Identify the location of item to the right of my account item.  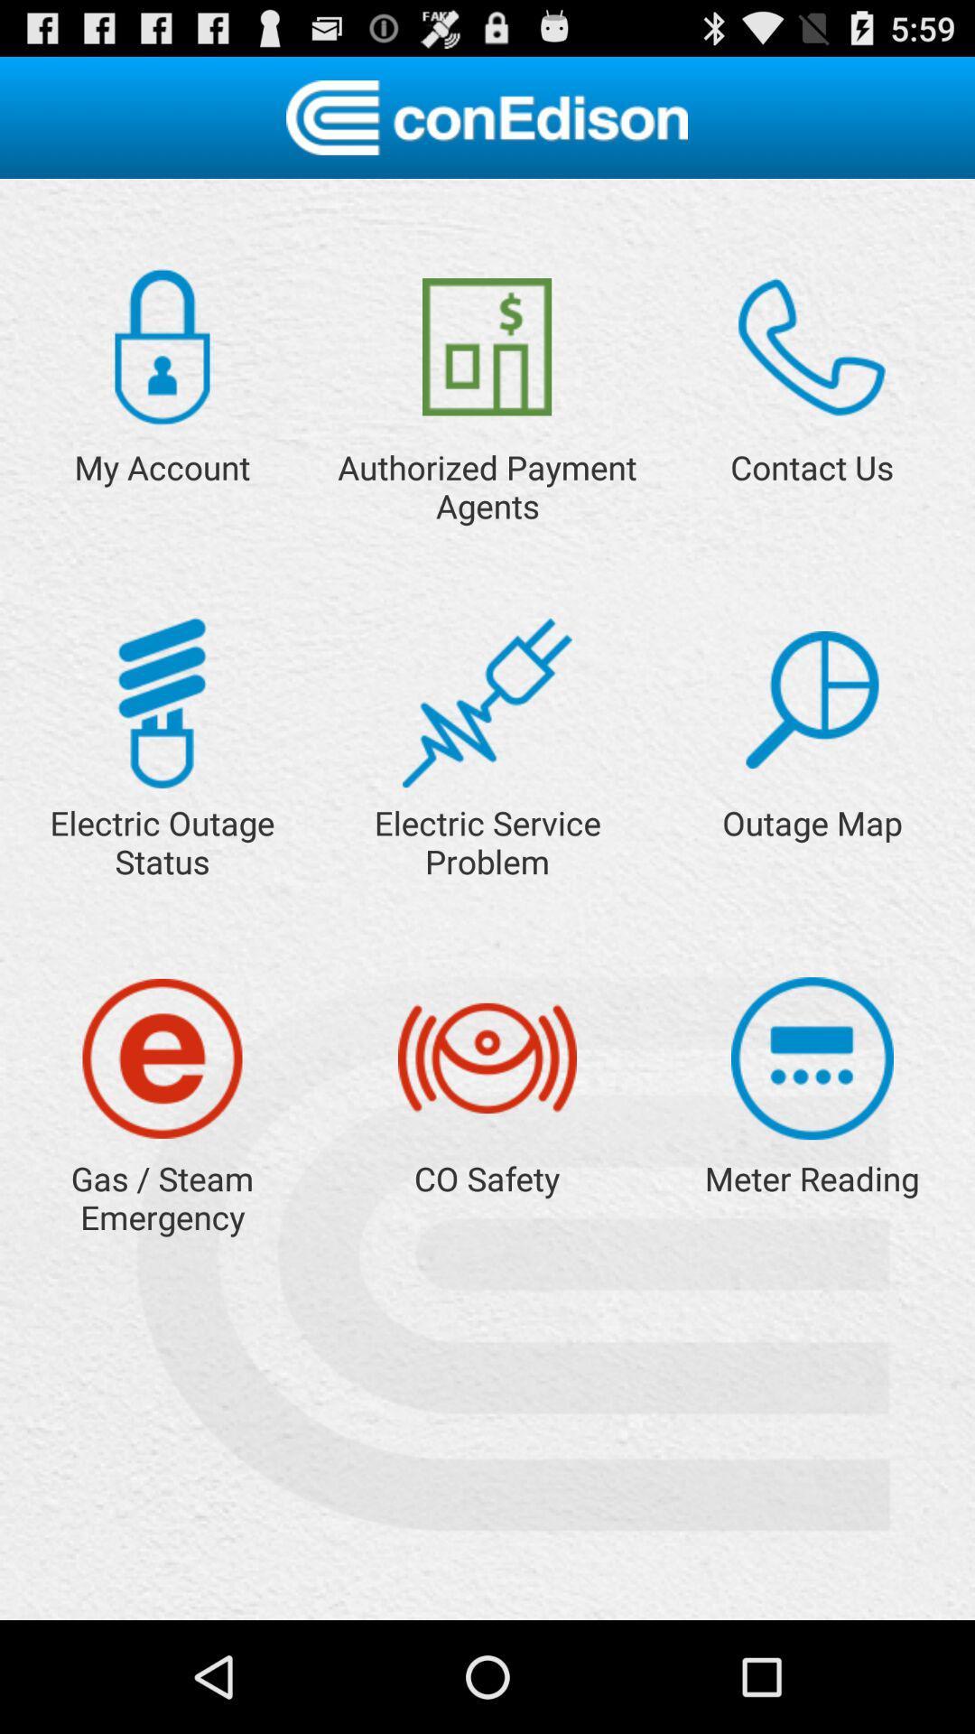
(486, 347).